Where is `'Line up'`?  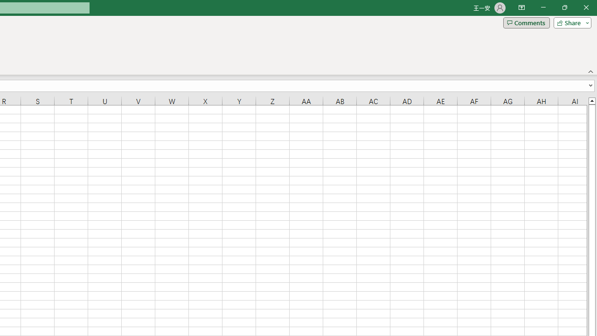
'Line up' is located at coordinates (591, 100).